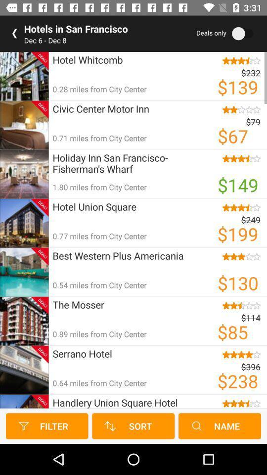 This screenshot has height=475, width=267. I want to click on the sort button, so click(133, 426).